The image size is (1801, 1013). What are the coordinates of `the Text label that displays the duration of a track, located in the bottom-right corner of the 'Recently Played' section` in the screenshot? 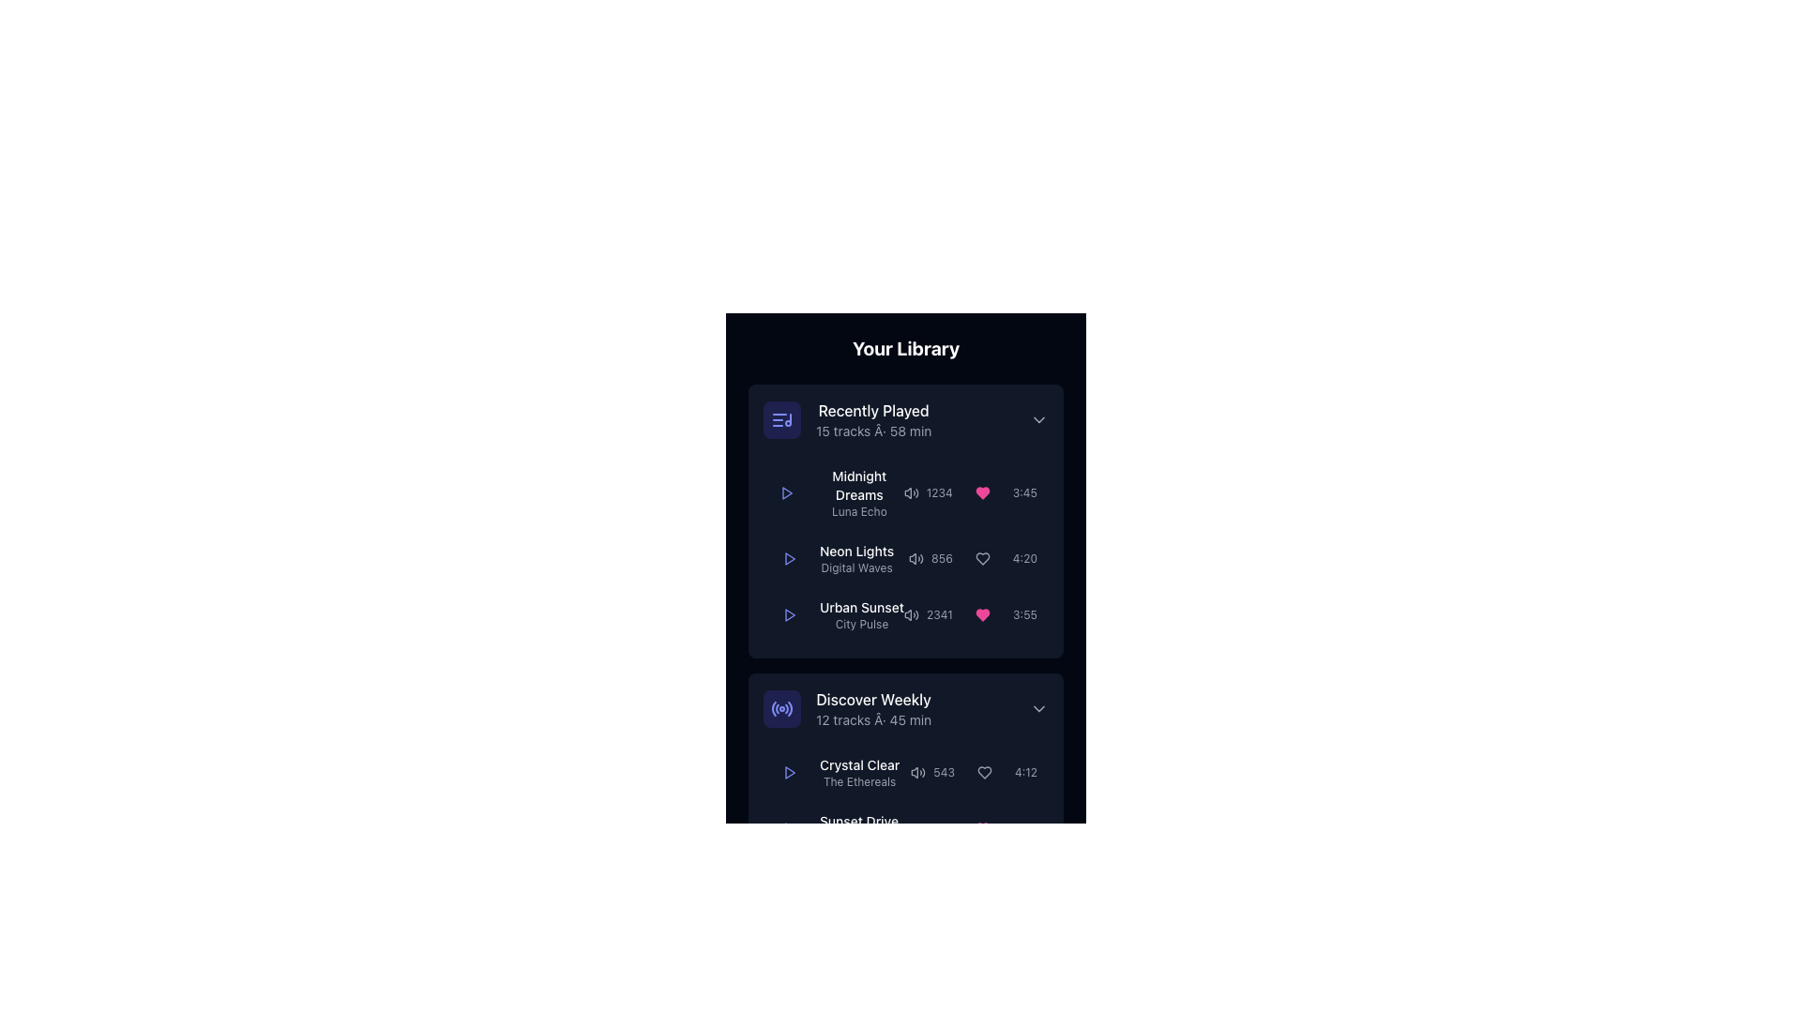 It's located at (1023, 491).